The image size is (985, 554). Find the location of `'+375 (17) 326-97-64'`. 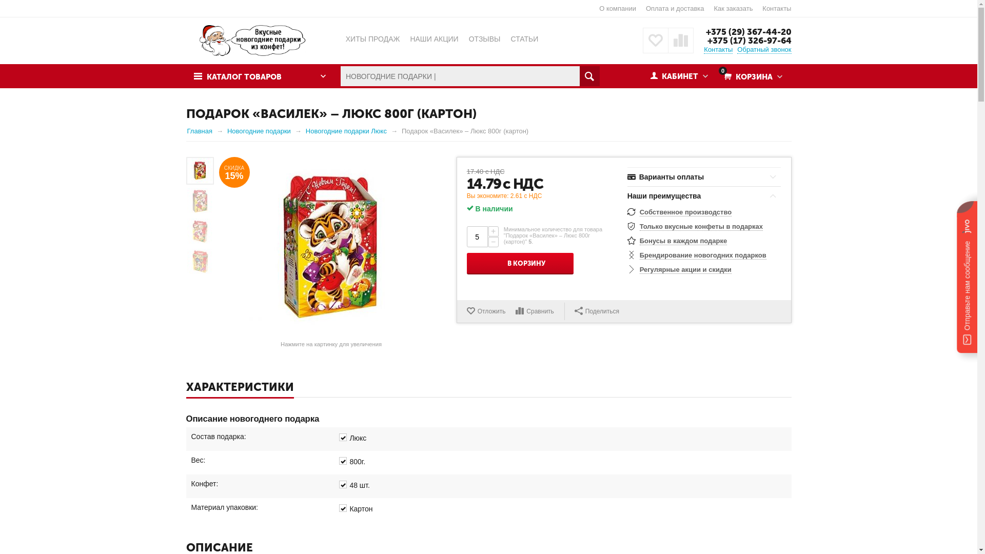

'+375 (17) 326-97-64' is located at coordinates (706, 39).